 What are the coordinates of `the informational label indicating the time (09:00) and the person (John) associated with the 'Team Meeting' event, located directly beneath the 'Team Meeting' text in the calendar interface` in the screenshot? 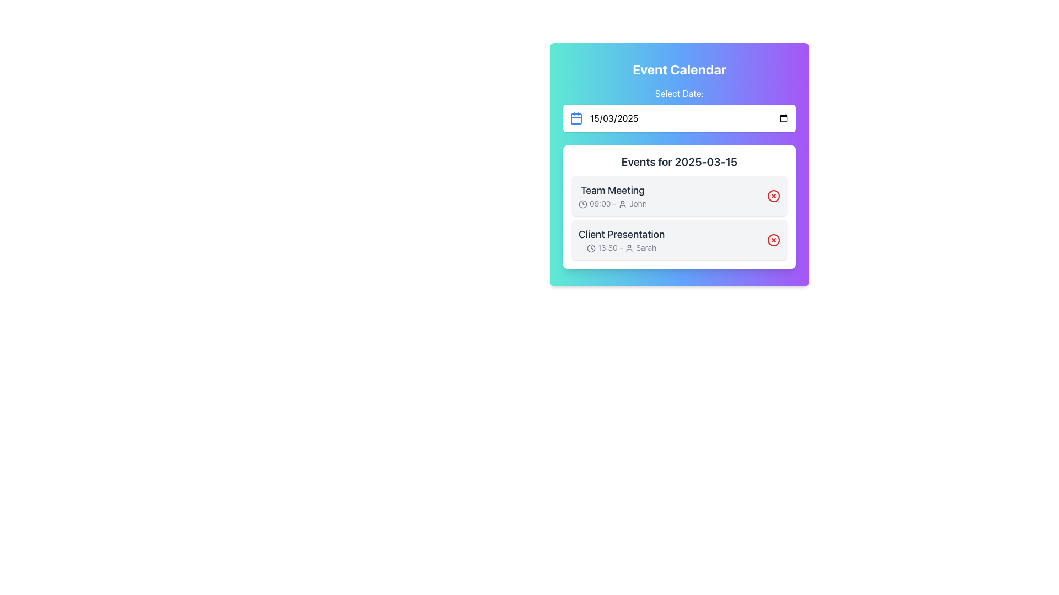 It's located at (612, 204).